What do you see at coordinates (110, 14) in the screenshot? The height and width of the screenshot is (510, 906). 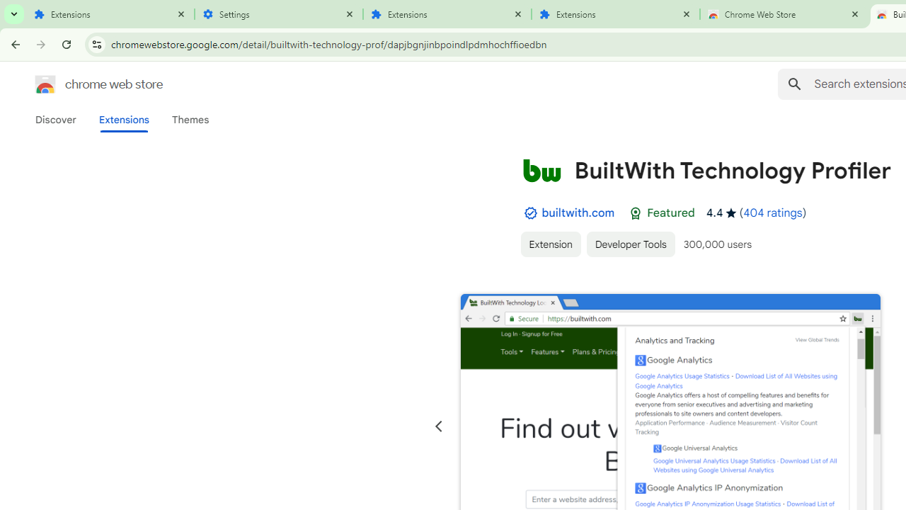 I see `'Extensions'` at bounding box center [110, 14].